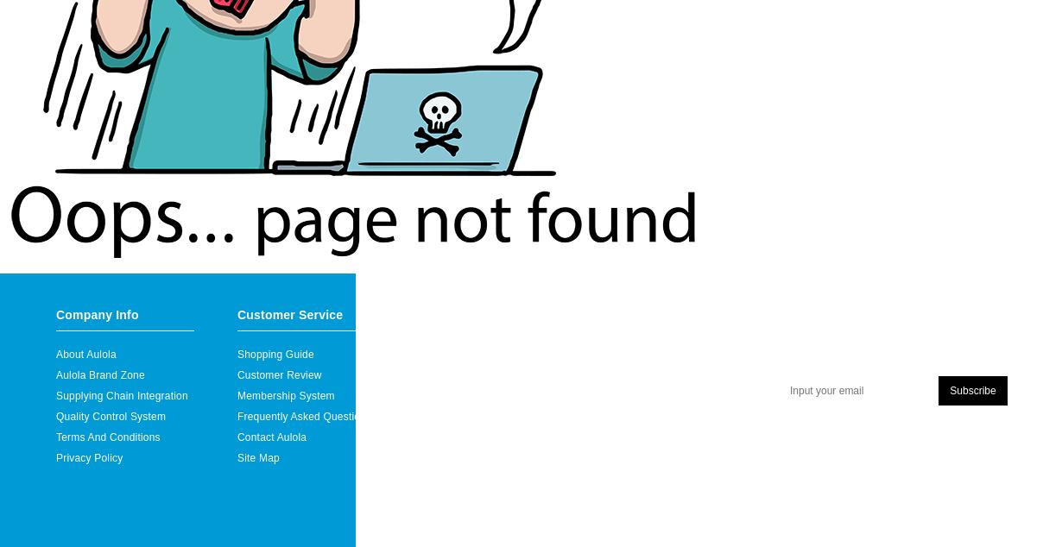 Image resolution: width=1062 pixels, height=547 pixels. I want to click on 'Customer Review', so click(278, 374).